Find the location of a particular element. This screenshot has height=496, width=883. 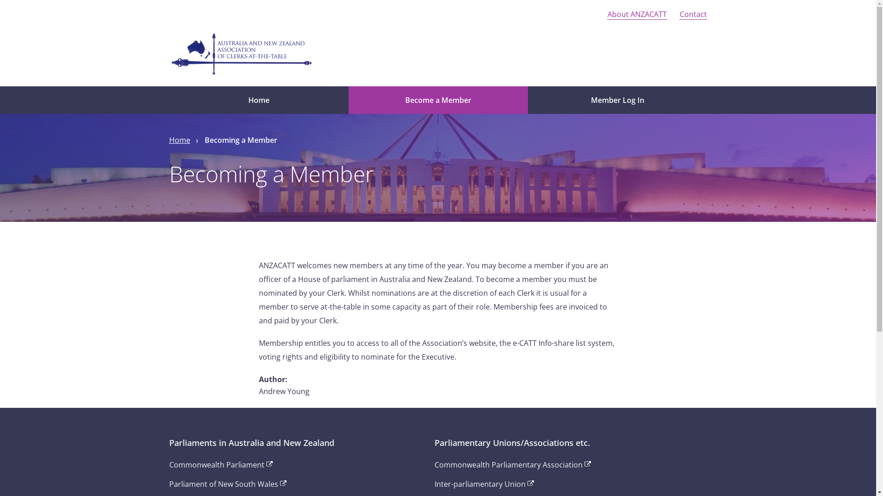

'Parliament of New South Wales' is located at coordinates (169, 483).